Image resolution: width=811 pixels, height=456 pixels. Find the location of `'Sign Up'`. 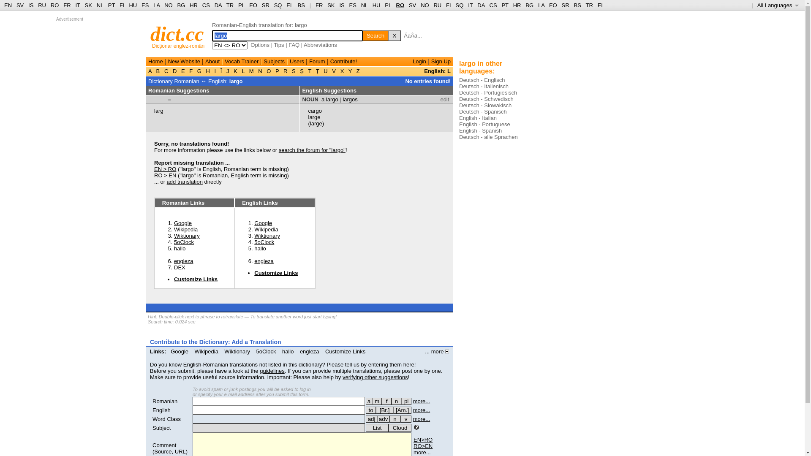

'Sign Up' is located at coordinates (431, 61).